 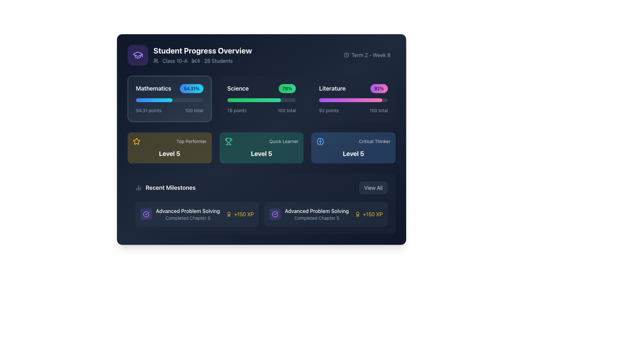 What do you see at coordinates (357, 214) in the screenshot?
I see `the amber-yellow award icon with a circular medallion design, located left of the '+150 XP' text in the 'Advanced Problem Solving' section` at bounding box center [357, 214].